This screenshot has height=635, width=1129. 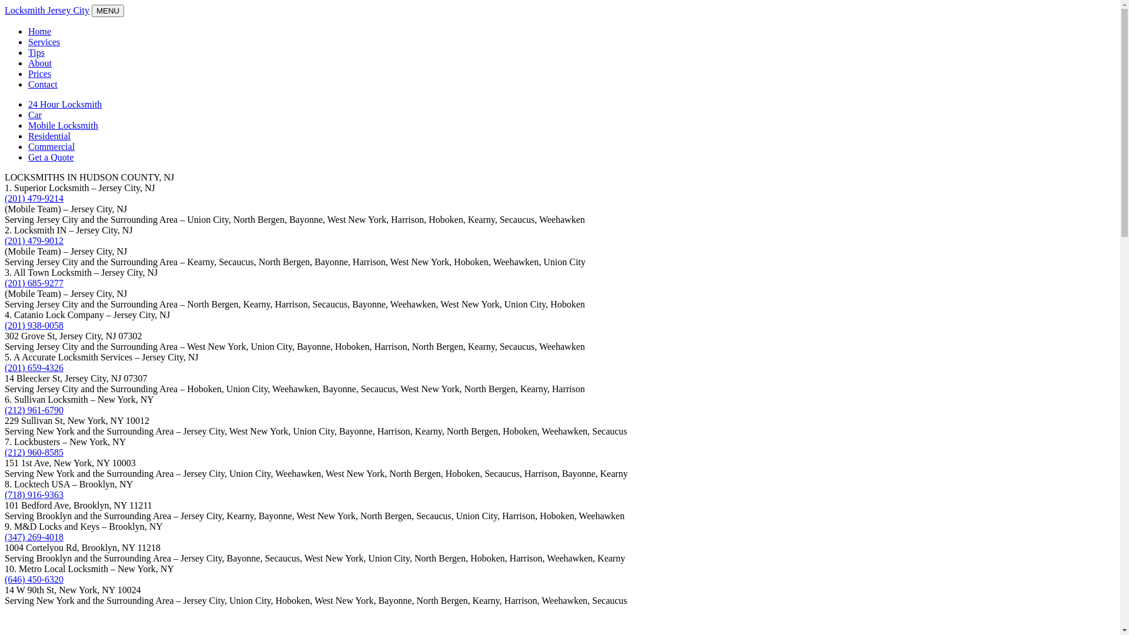 I want to click on '(212) 961-6790', so click(x=34, y=409).